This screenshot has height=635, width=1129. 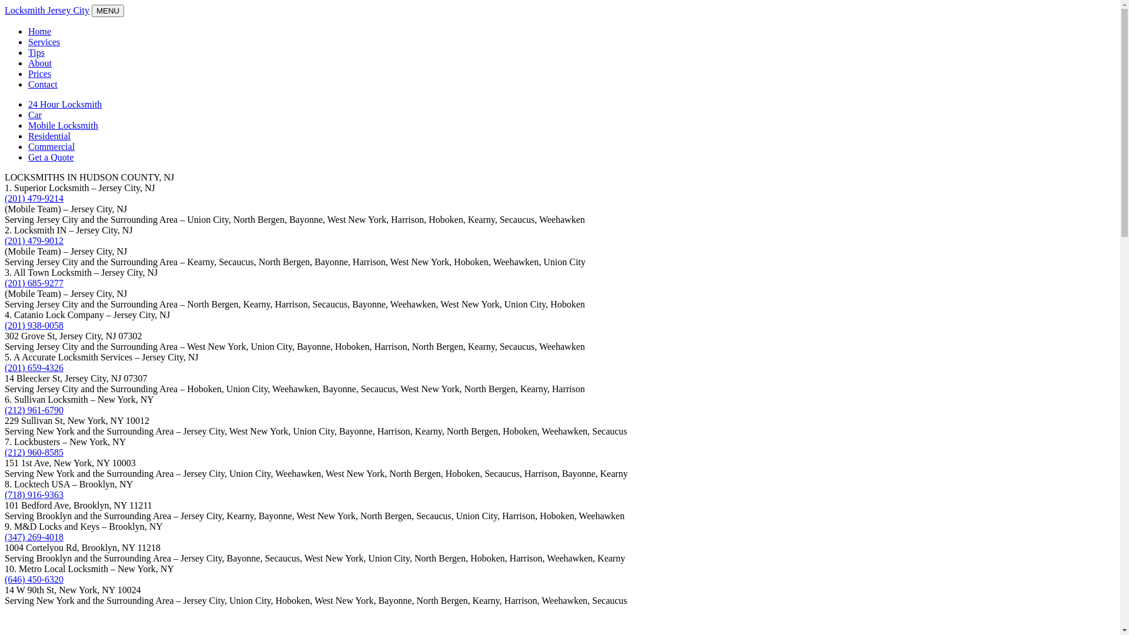 I want to click on '(212) 961-6790', so click(x=34, y=409).